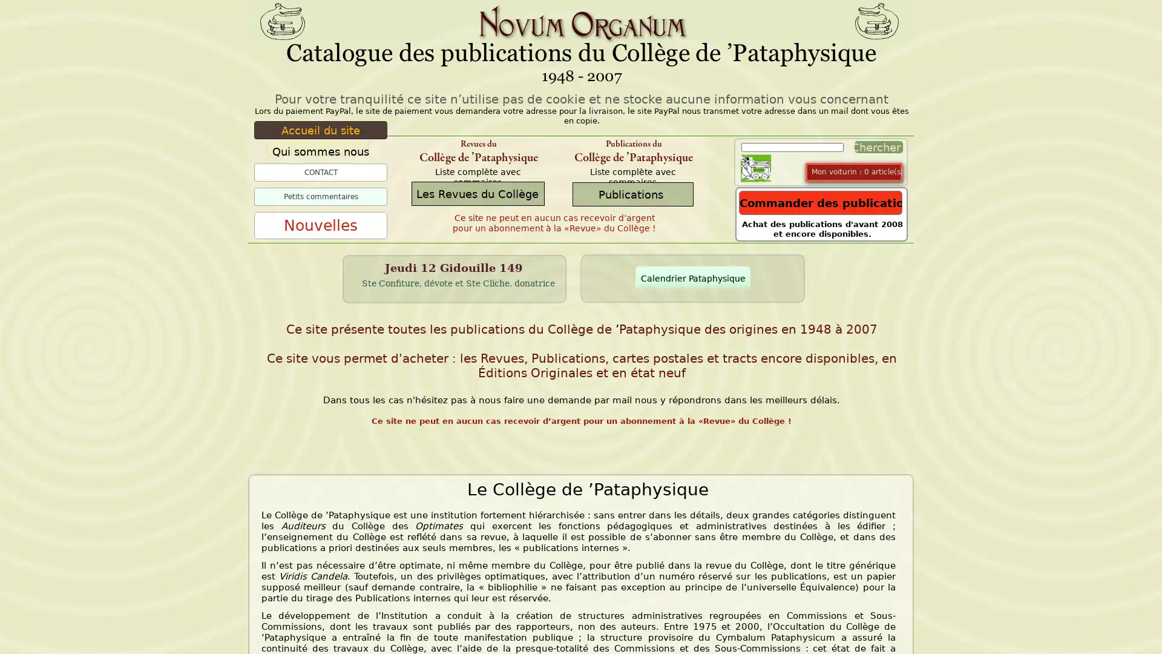 The image size is (1162, 654). Describe the element at coordinates (320, 196) in the screenshot. I see `Petits commentaires` at that location.